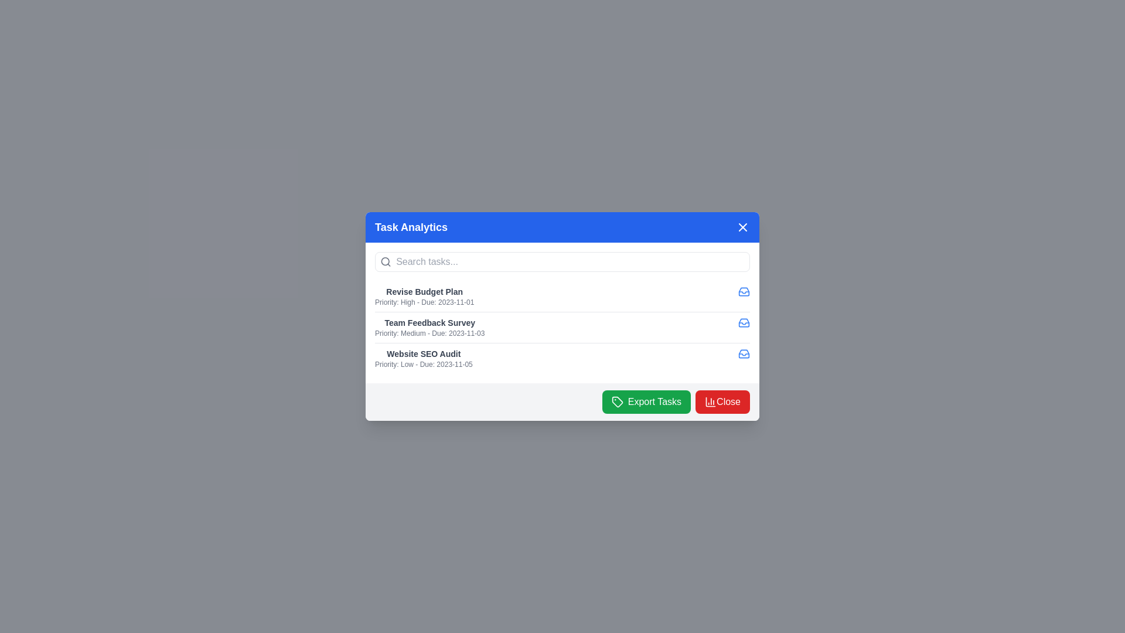 The image size is (1125, 633). Describe the element at coordinates (722, 401) in the screenshot. I see `the close button located at the bottom-right corner of the modal interface` at that location.